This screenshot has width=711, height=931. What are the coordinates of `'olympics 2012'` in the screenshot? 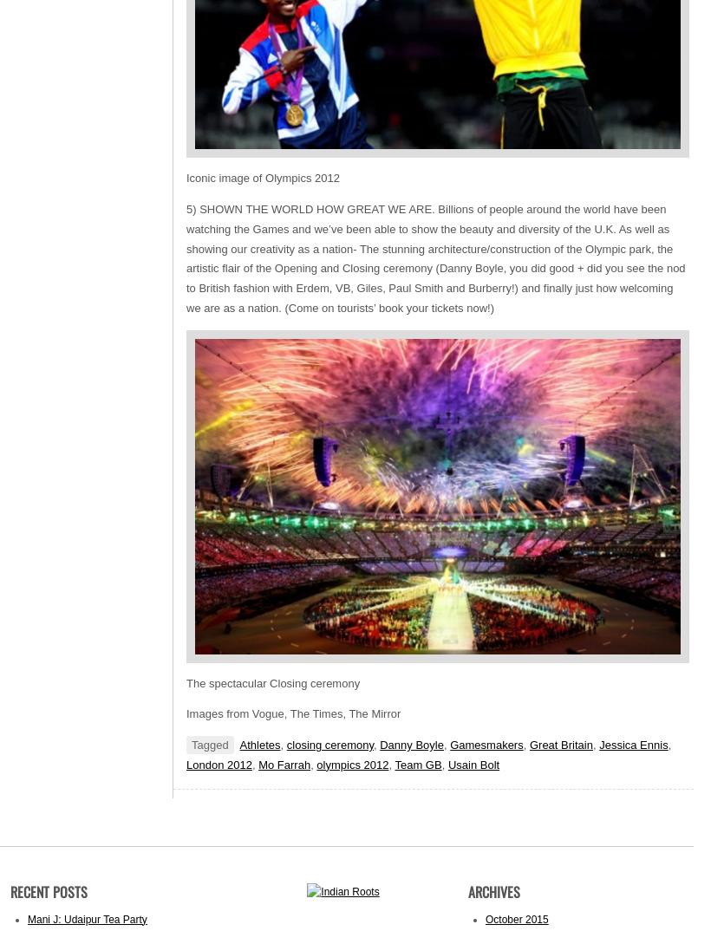 It's located at (352, 763).